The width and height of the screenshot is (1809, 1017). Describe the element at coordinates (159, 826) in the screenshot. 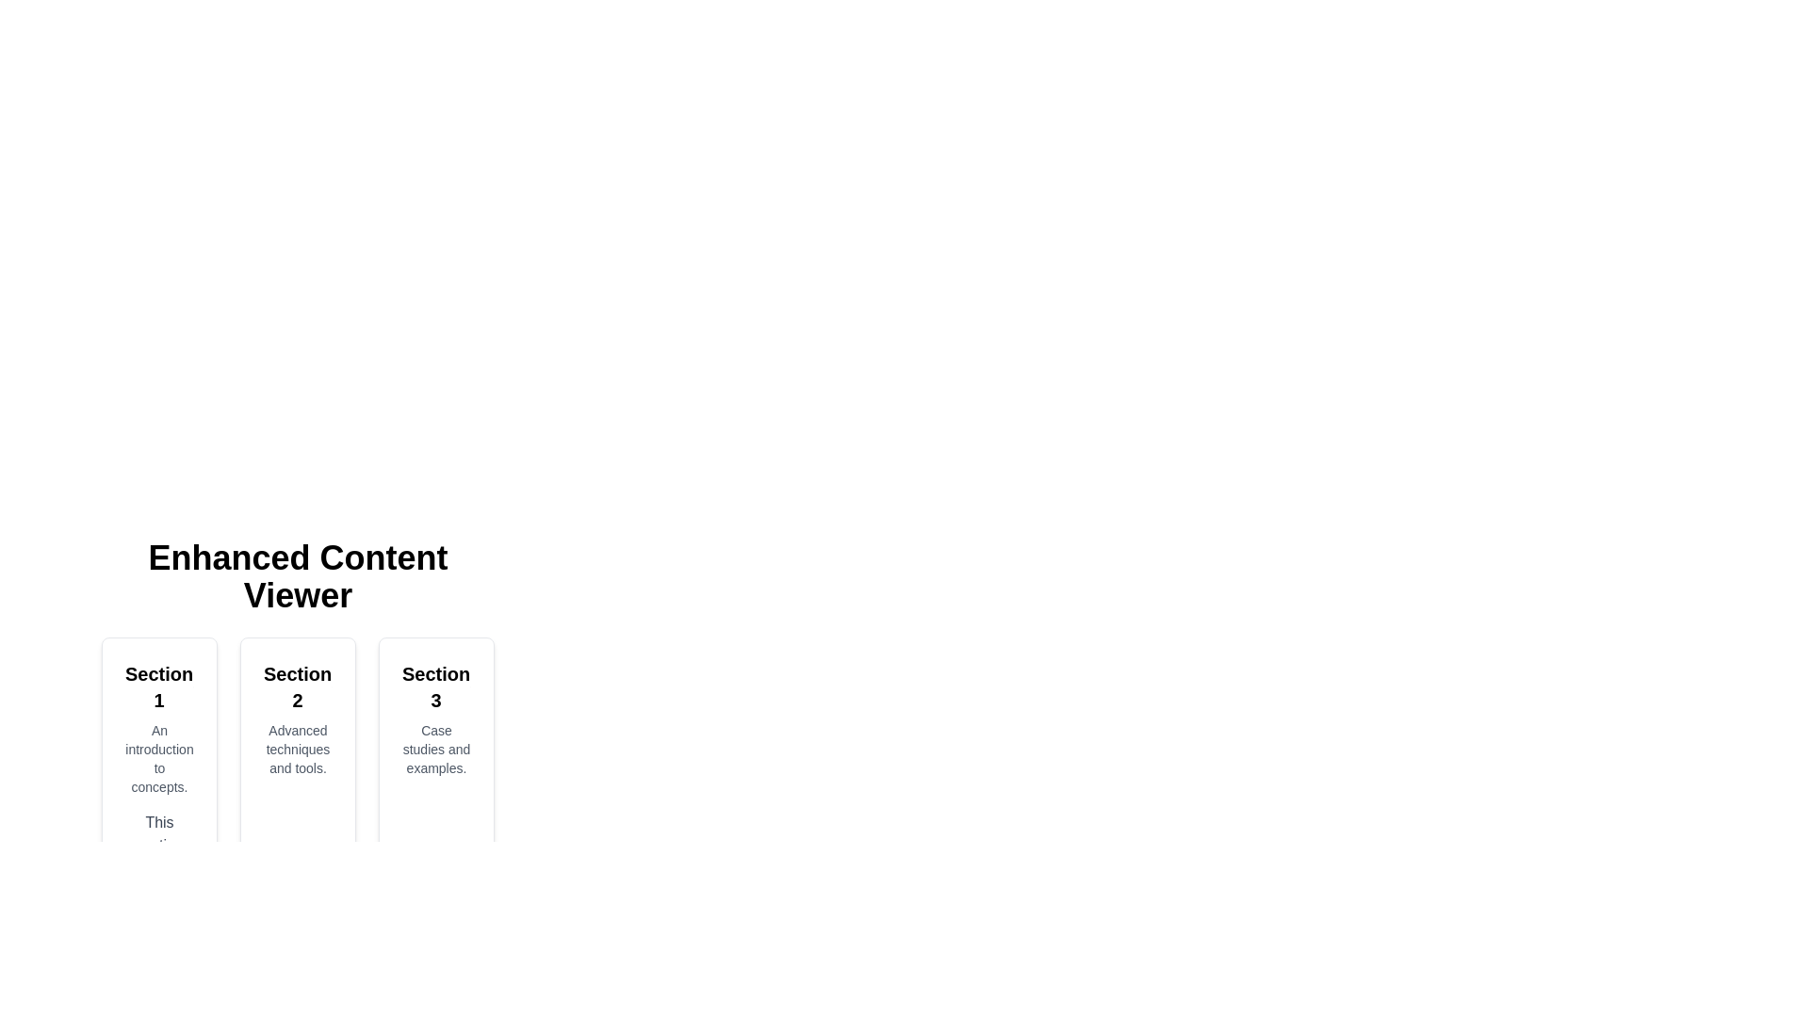

I see `embedded elements within the 'Section 1' overview card, which features a title in bold and large font, a brief description, and a longer explanation, all presented in a vertically elongated card layout` at that location.